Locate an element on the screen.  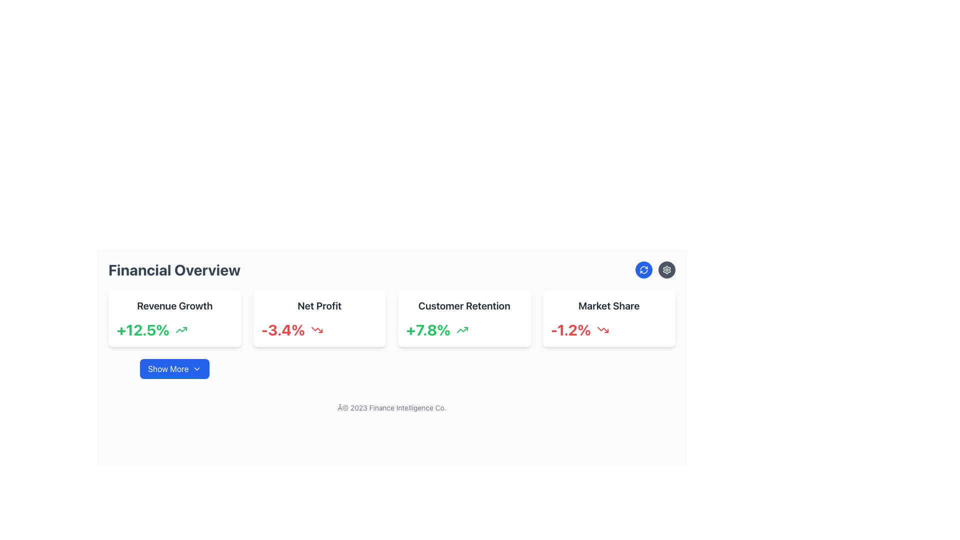
the zigzag arrow line in the statistics card labeled 'Net Profit', which is styled in red and indicates a decrease or downward trend is located at coordinates (316, 329).